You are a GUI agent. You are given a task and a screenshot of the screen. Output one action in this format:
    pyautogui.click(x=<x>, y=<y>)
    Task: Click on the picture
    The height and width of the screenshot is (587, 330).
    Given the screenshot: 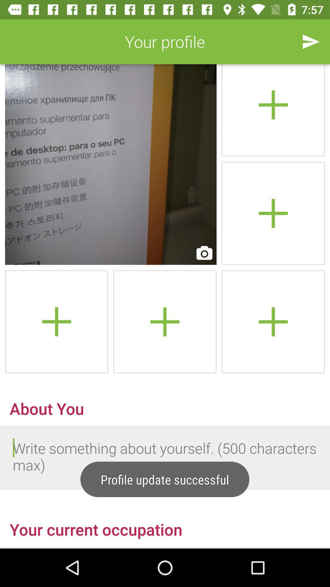 What is the action you would take?
    pyautogui.click(x=273, y=321)
    